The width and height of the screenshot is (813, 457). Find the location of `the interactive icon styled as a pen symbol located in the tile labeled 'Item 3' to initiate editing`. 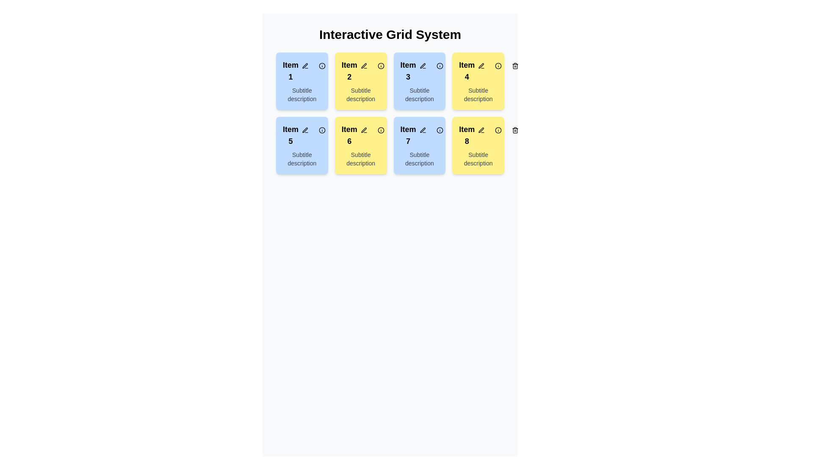

the interactive icon styled as a pen symbol located in the tile labeled 'Item 3' to initiate editing is located at coordinates (423, 65).